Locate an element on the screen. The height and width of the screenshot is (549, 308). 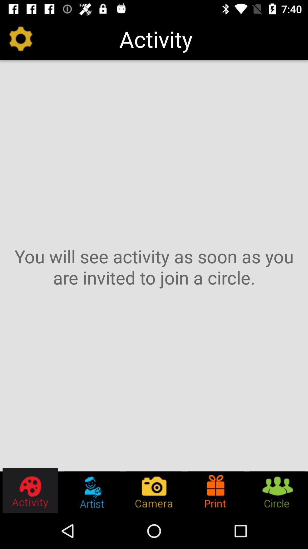
the item below the you will see is located at coordinates (31, 490).